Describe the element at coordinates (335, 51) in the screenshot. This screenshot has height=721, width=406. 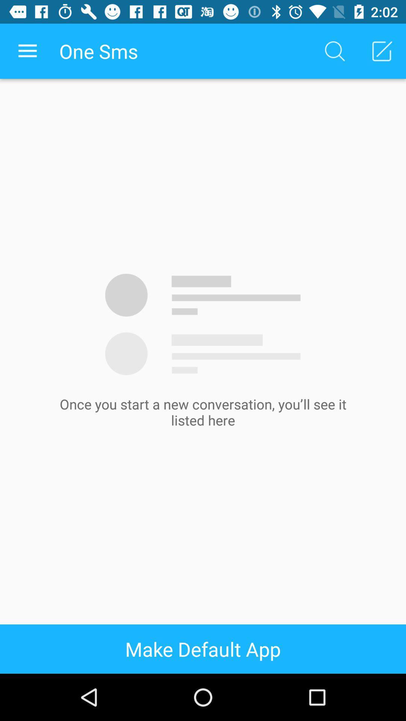
I see `app next to the one sms icon` at that location.